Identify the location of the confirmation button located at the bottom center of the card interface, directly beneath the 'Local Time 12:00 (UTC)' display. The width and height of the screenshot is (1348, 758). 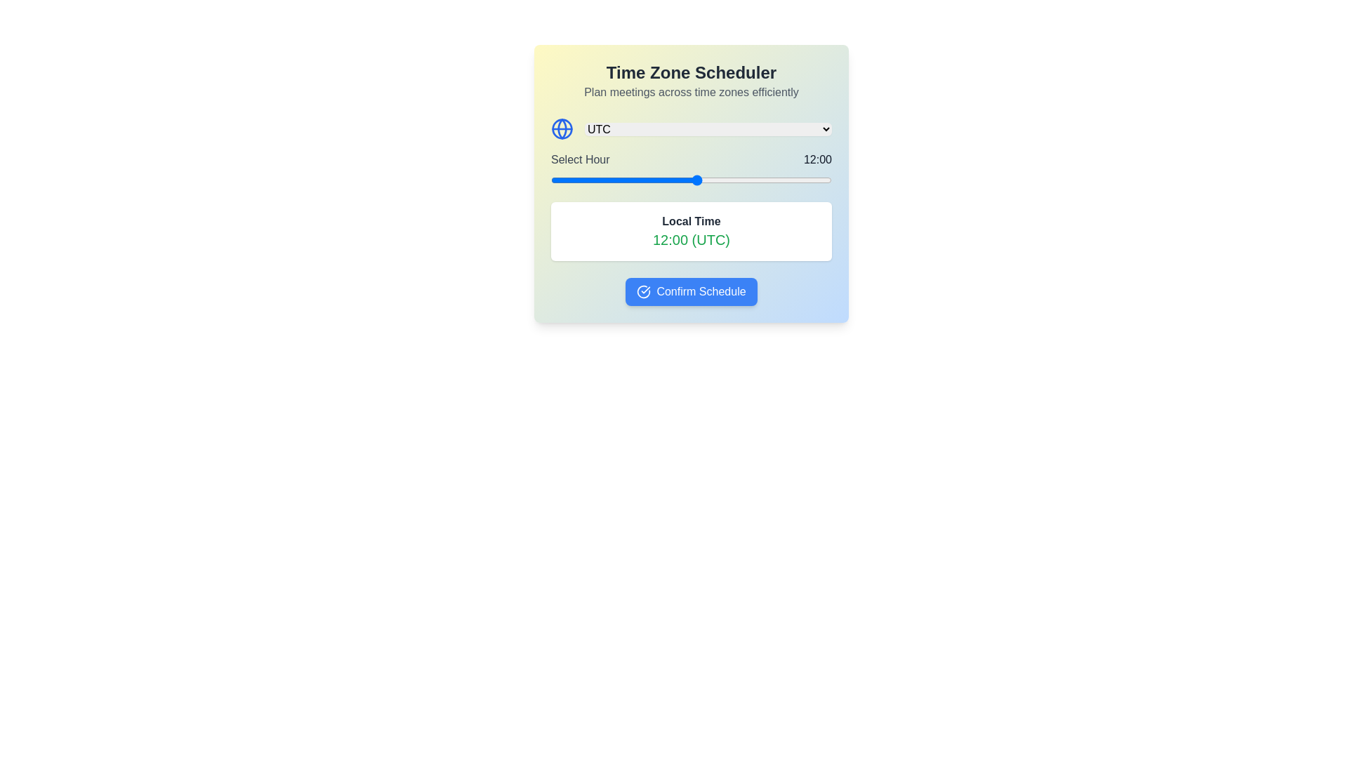
(691, 291).